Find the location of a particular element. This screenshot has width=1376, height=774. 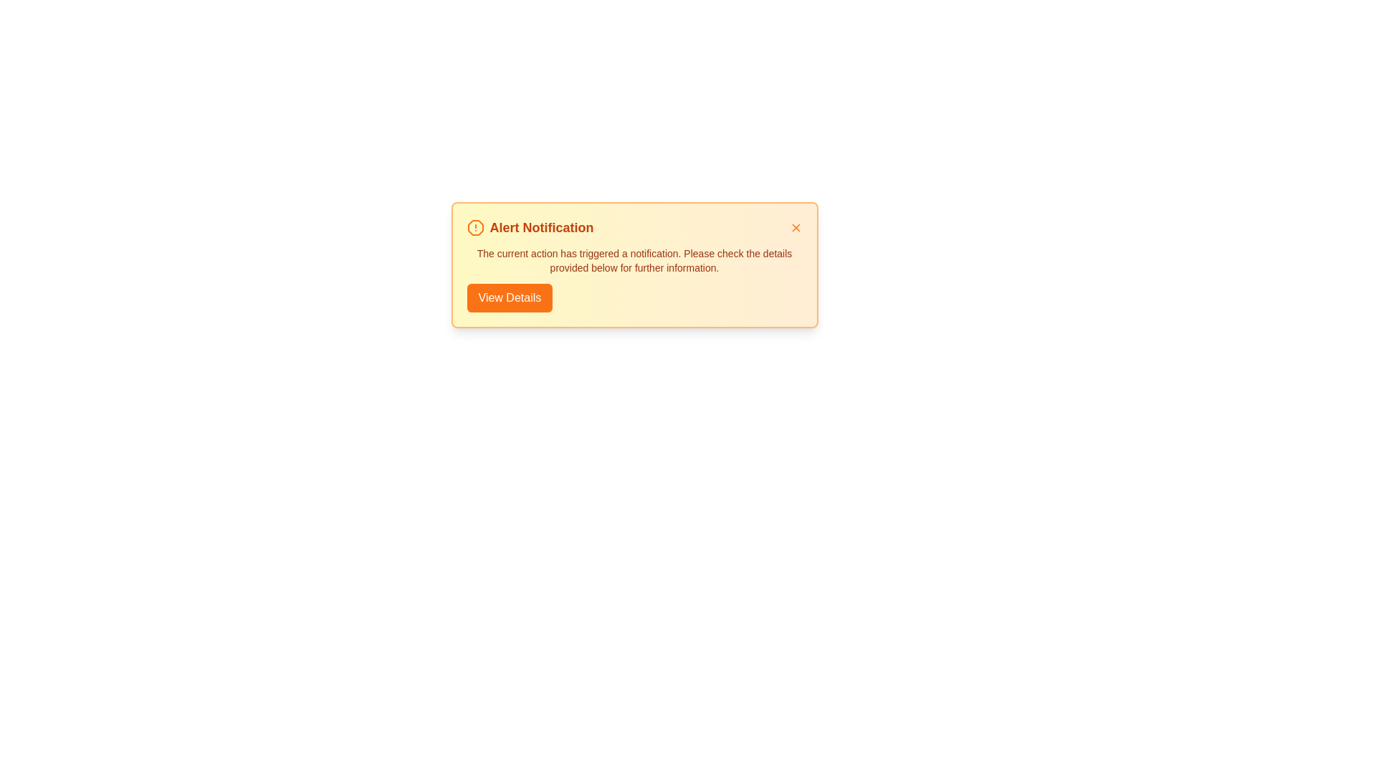

the alert icon to check its functionality is located at coordinates (475, 226).